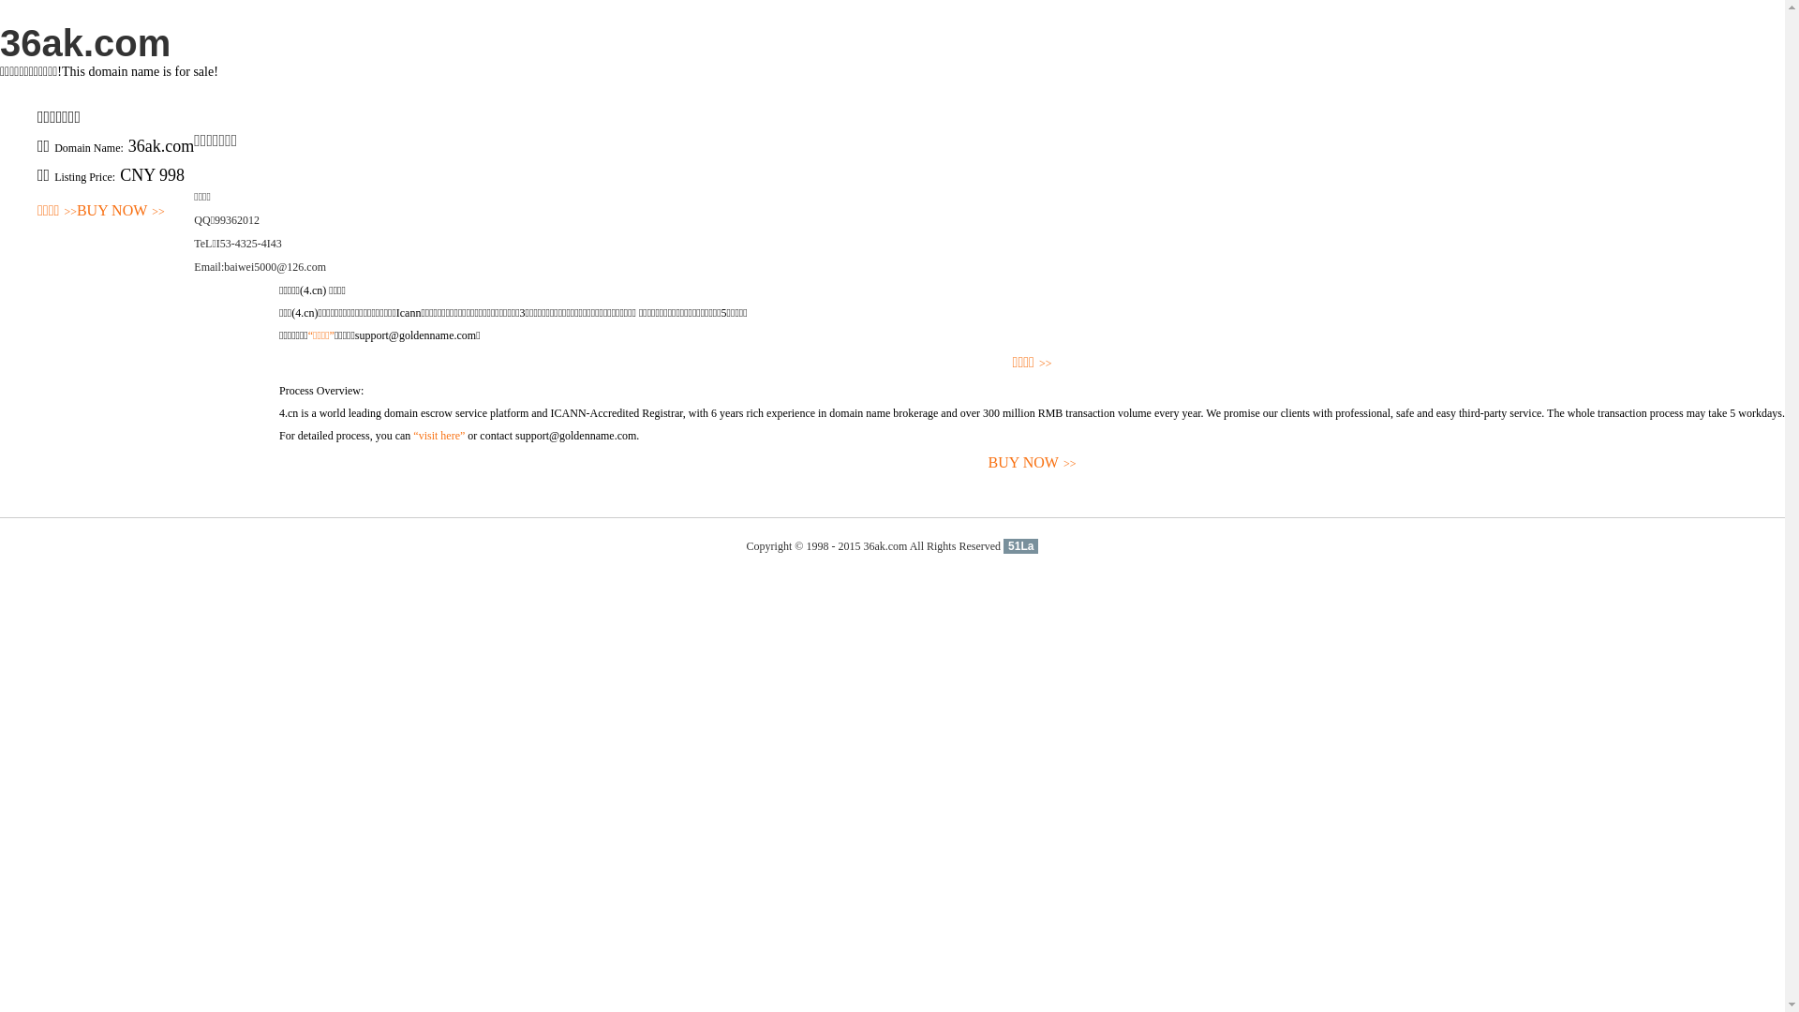  I want to click on '51La', so click(1019, 545).